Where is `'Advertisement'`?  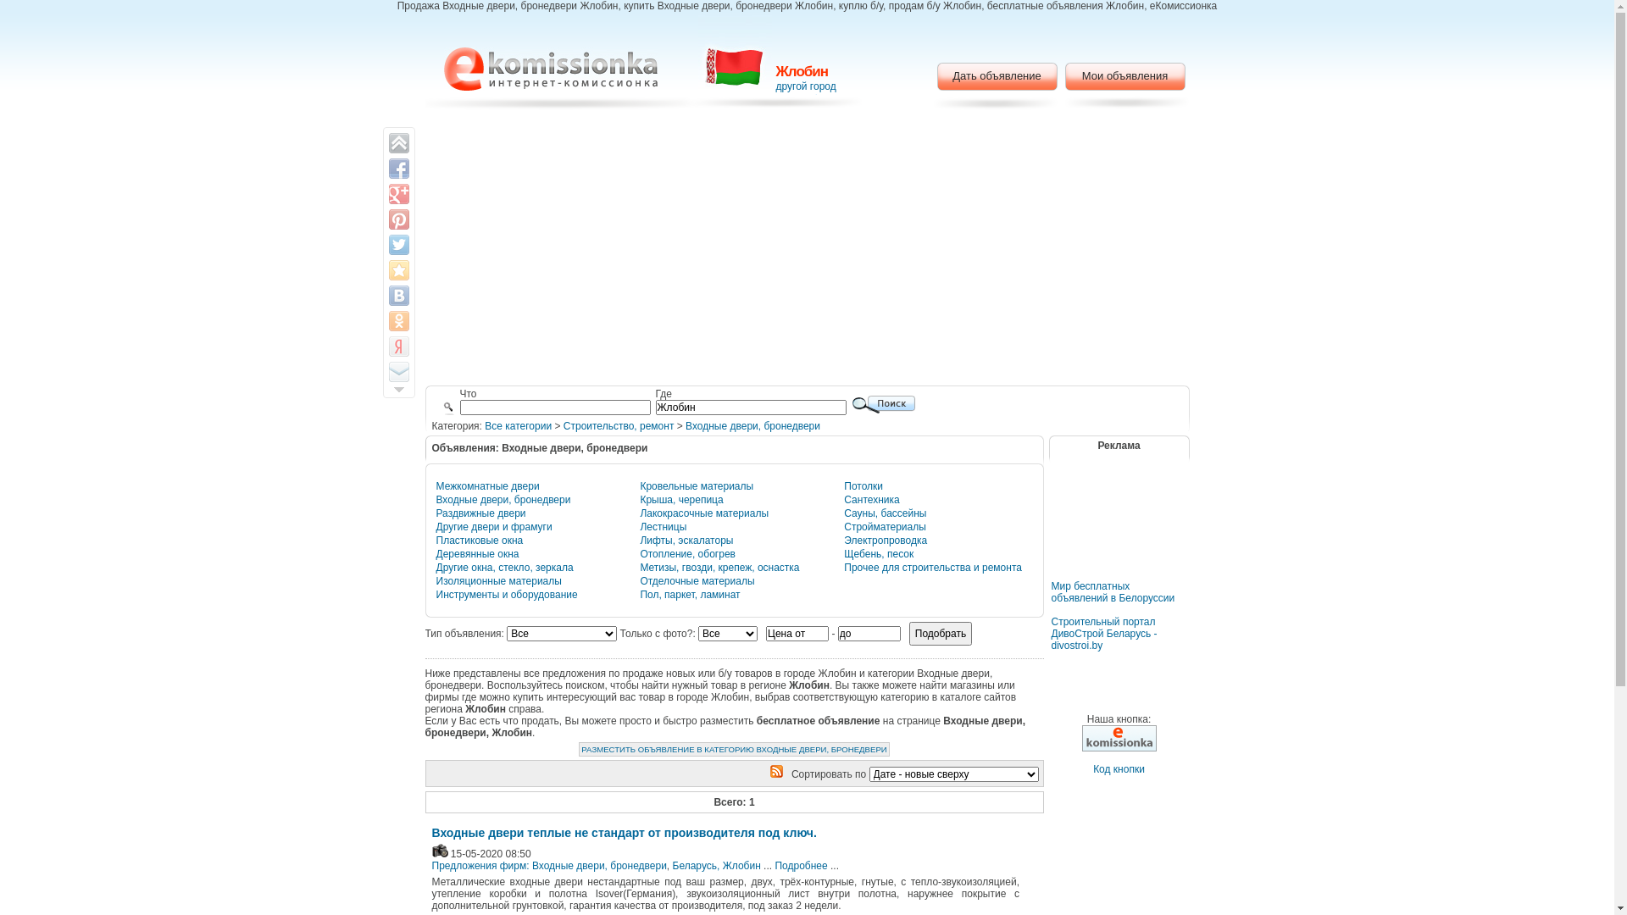 'Advertisement' is located at coordinates (1119, 529).